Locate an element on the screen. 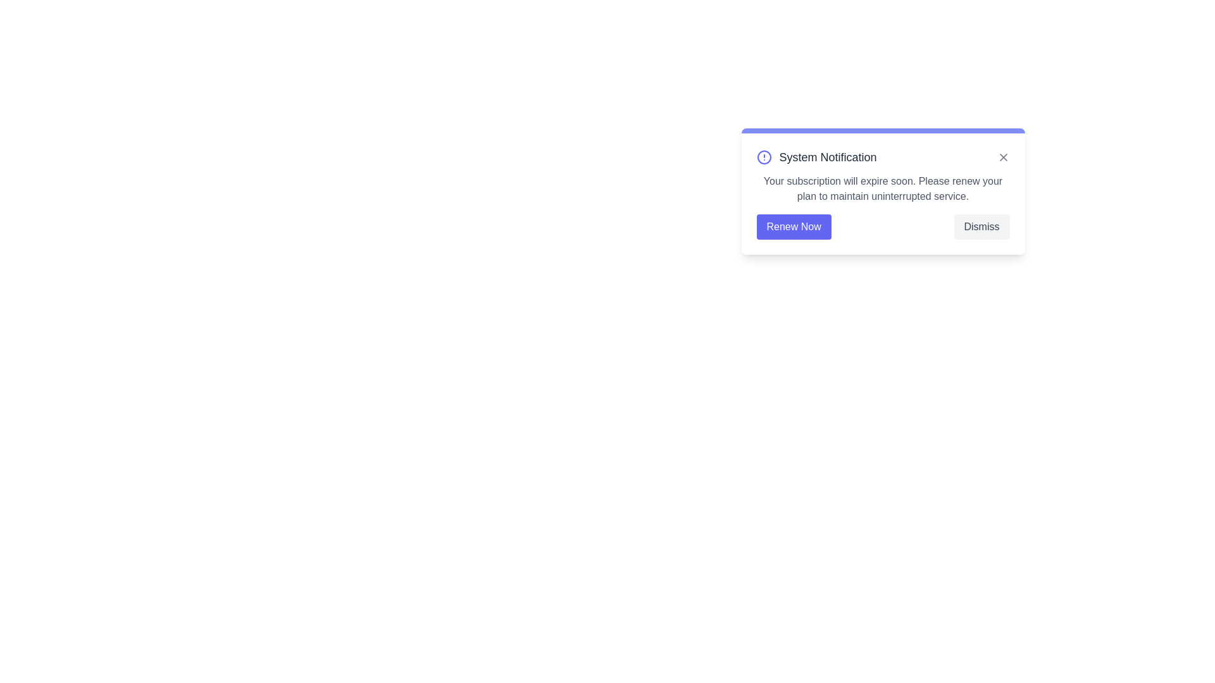 Image resolution: width=1215 pixels, height=683 pixels. close icon in the top-right corner of the alert component is located at coordinates (1002, 157).